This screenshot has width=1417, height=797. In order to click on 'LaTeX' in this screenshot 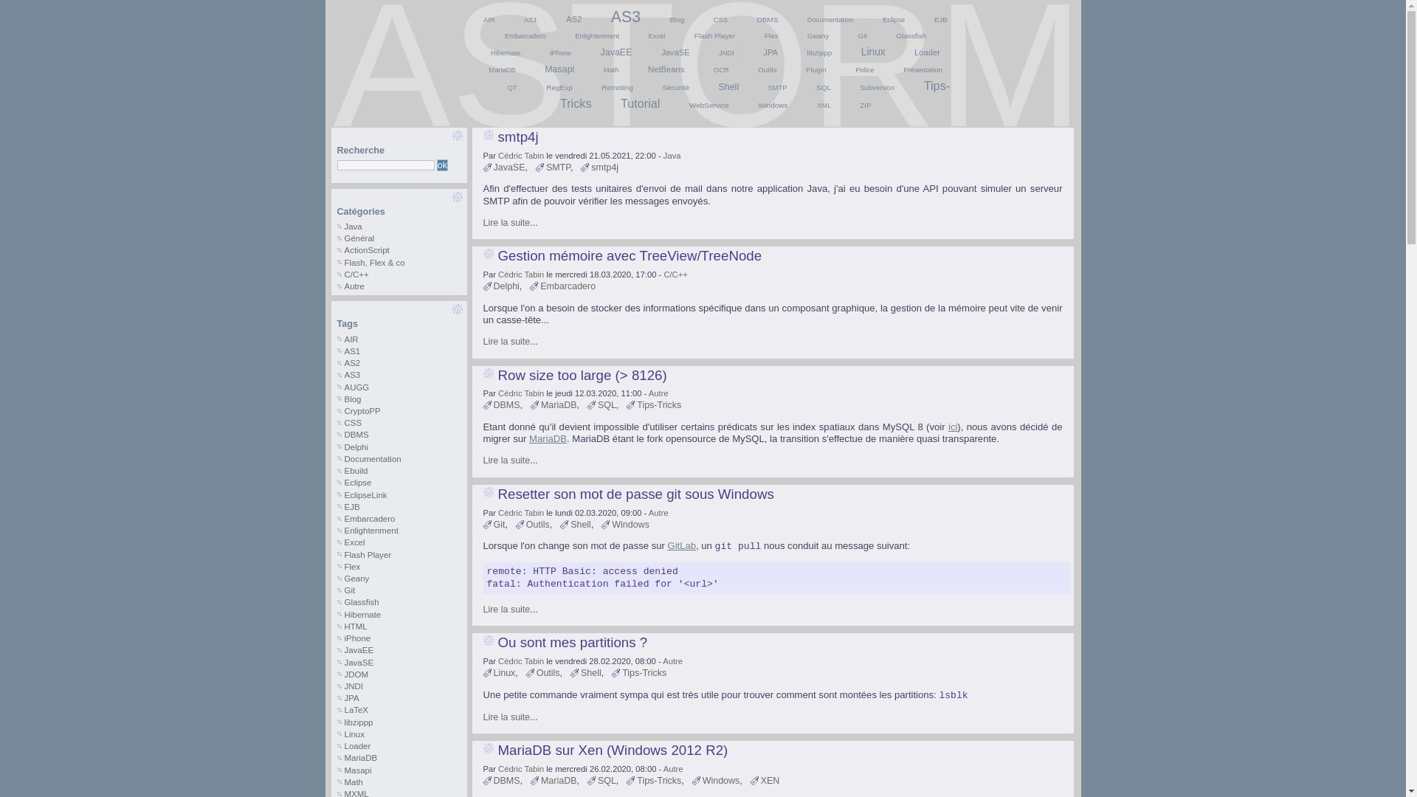, I will do `click(342, 708)`.